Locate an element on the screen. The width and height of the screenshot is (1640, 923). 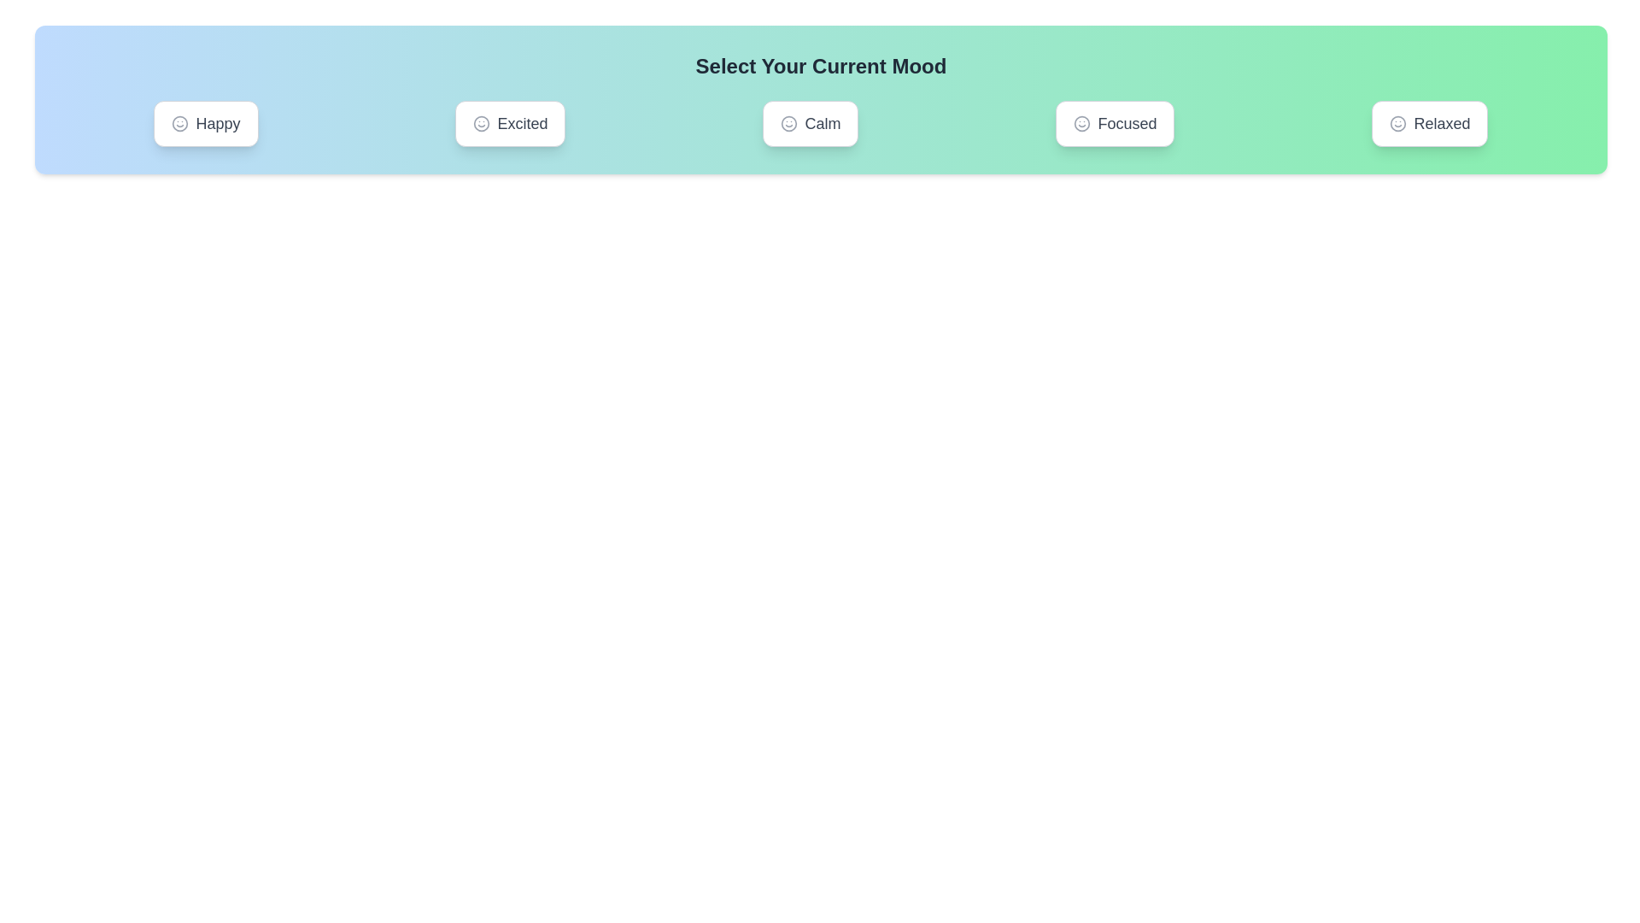
the mood Happy by clicking on its corresponding button is located at coordinates (205, 123).